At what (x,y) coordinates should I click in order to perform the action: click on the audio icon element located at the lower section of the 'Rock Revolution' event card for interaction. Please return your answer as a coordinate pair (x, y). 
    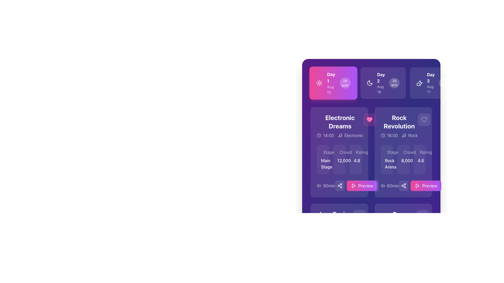
    Looking at the image, I should click on (383, 186).